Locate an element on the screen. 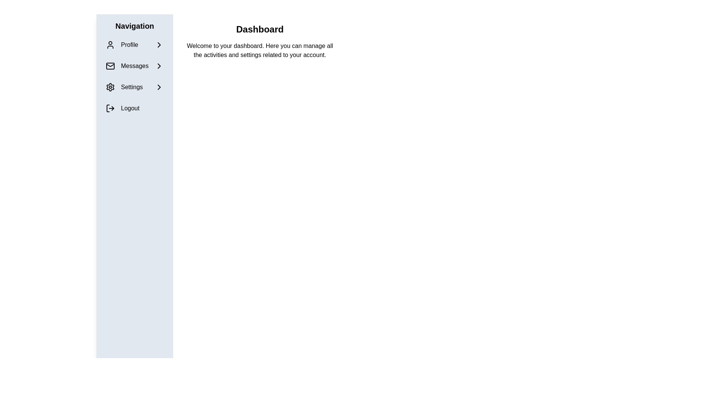 The image size is (726, 408). the right-pointing black chevron icon located at the far-right end of the 'Profile' row in the navigation sidebar is located at coordinates (158, 45).